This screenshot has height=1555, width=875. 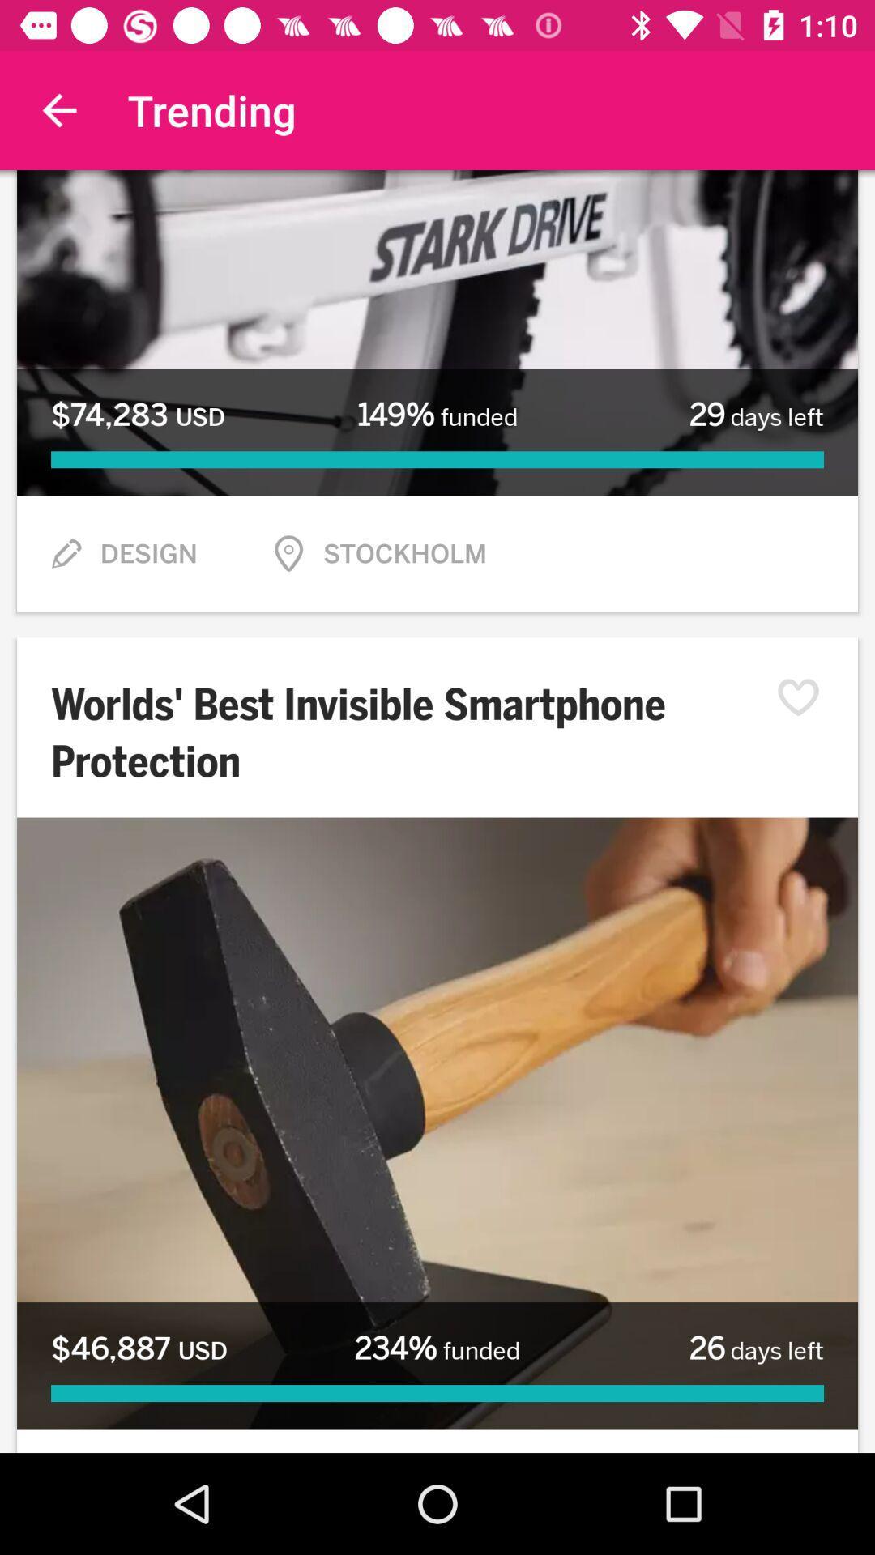 What do you see at coordinates (58, 109) in the screenshot?
I see `the item to the left of the trending app` at bounding box center [58, 109].